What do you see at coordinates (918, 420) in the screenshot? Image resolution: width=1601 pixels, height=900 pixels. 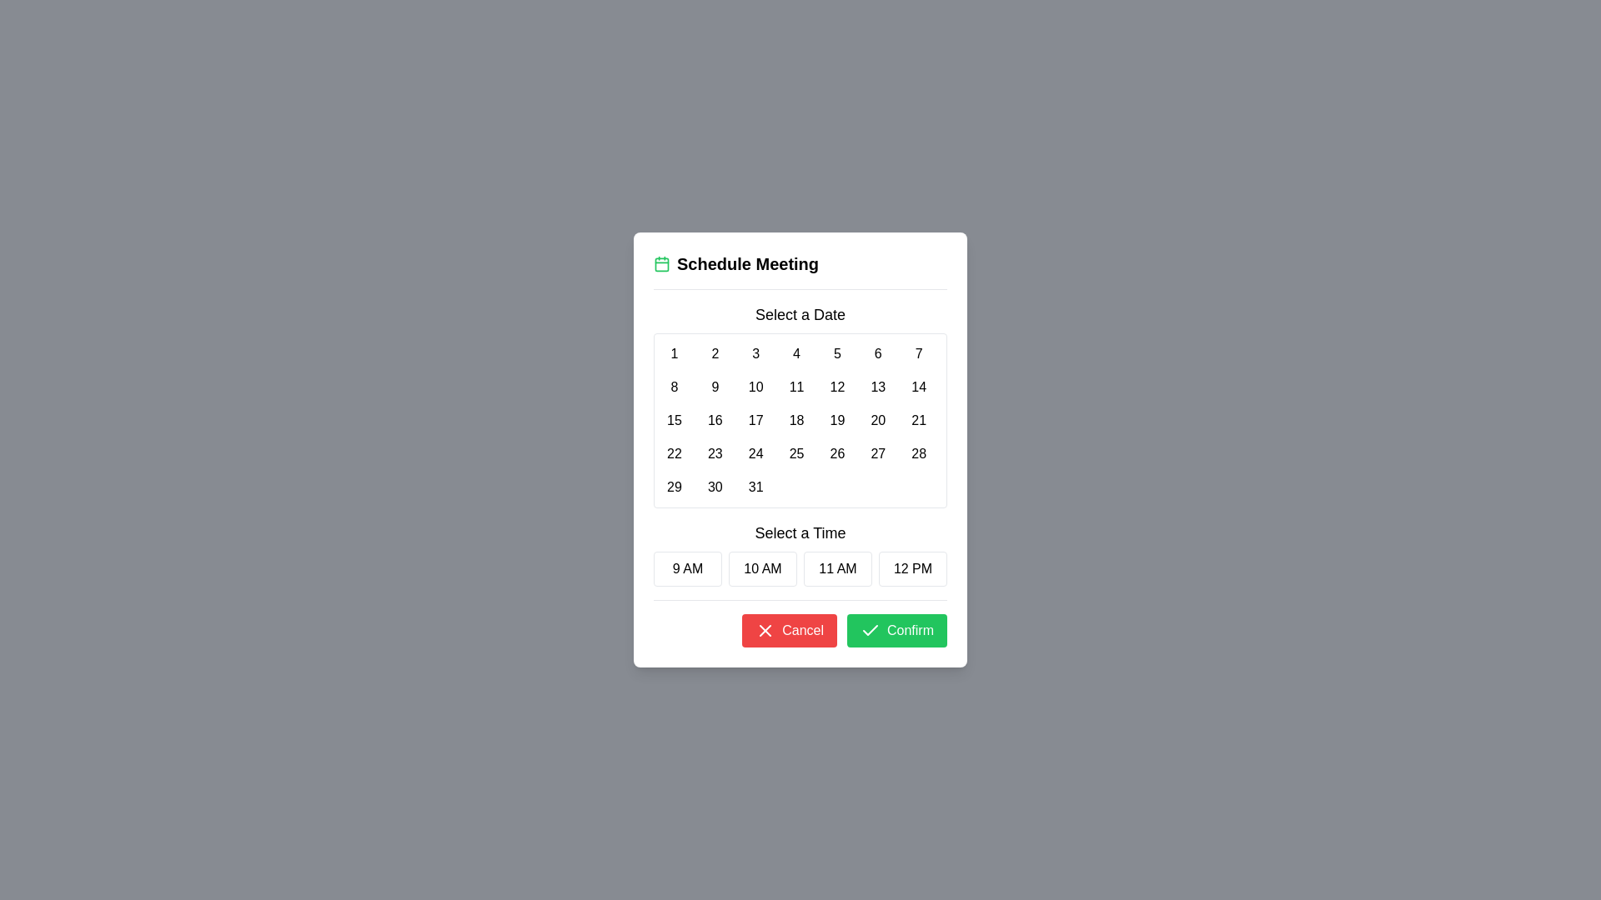 I see `the date button displaying '21' located in the third row and seventh column of the calendar grid in the 'Schedule Meeting' modal` at bounding box center [918, 420].